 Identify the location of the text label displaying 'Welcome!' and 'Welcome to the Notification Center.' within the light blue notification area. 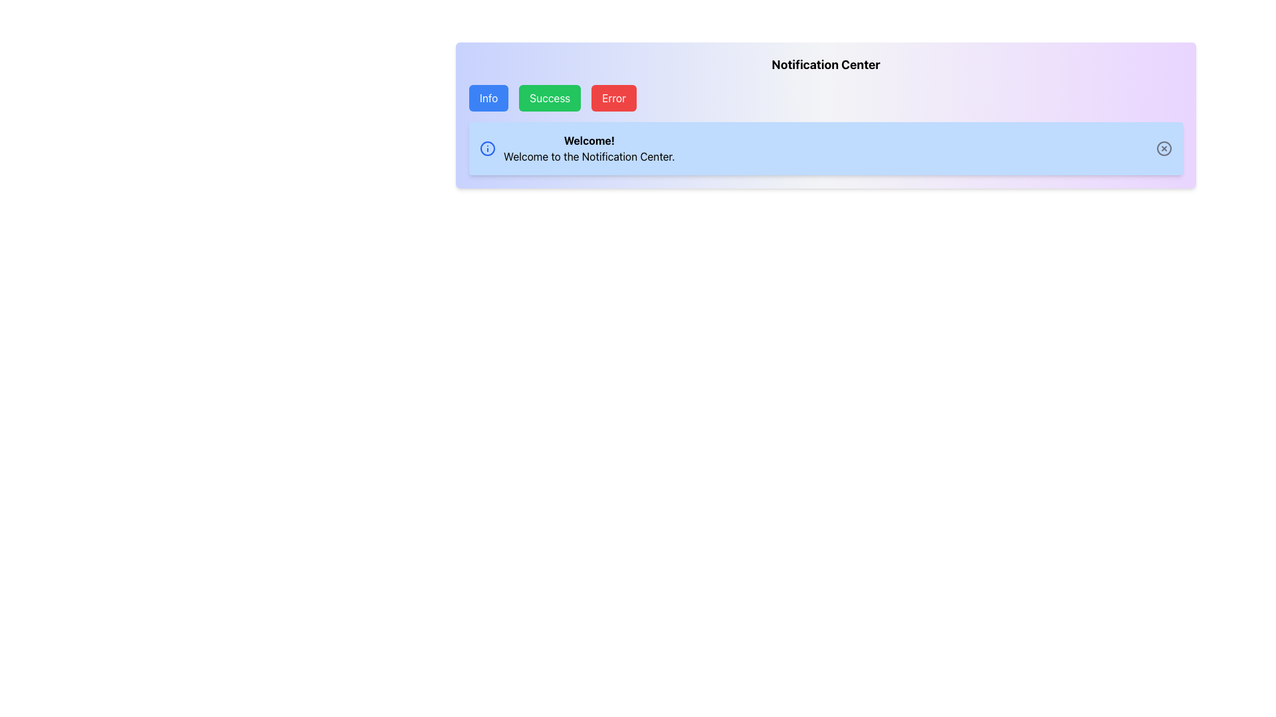
(588, 148).